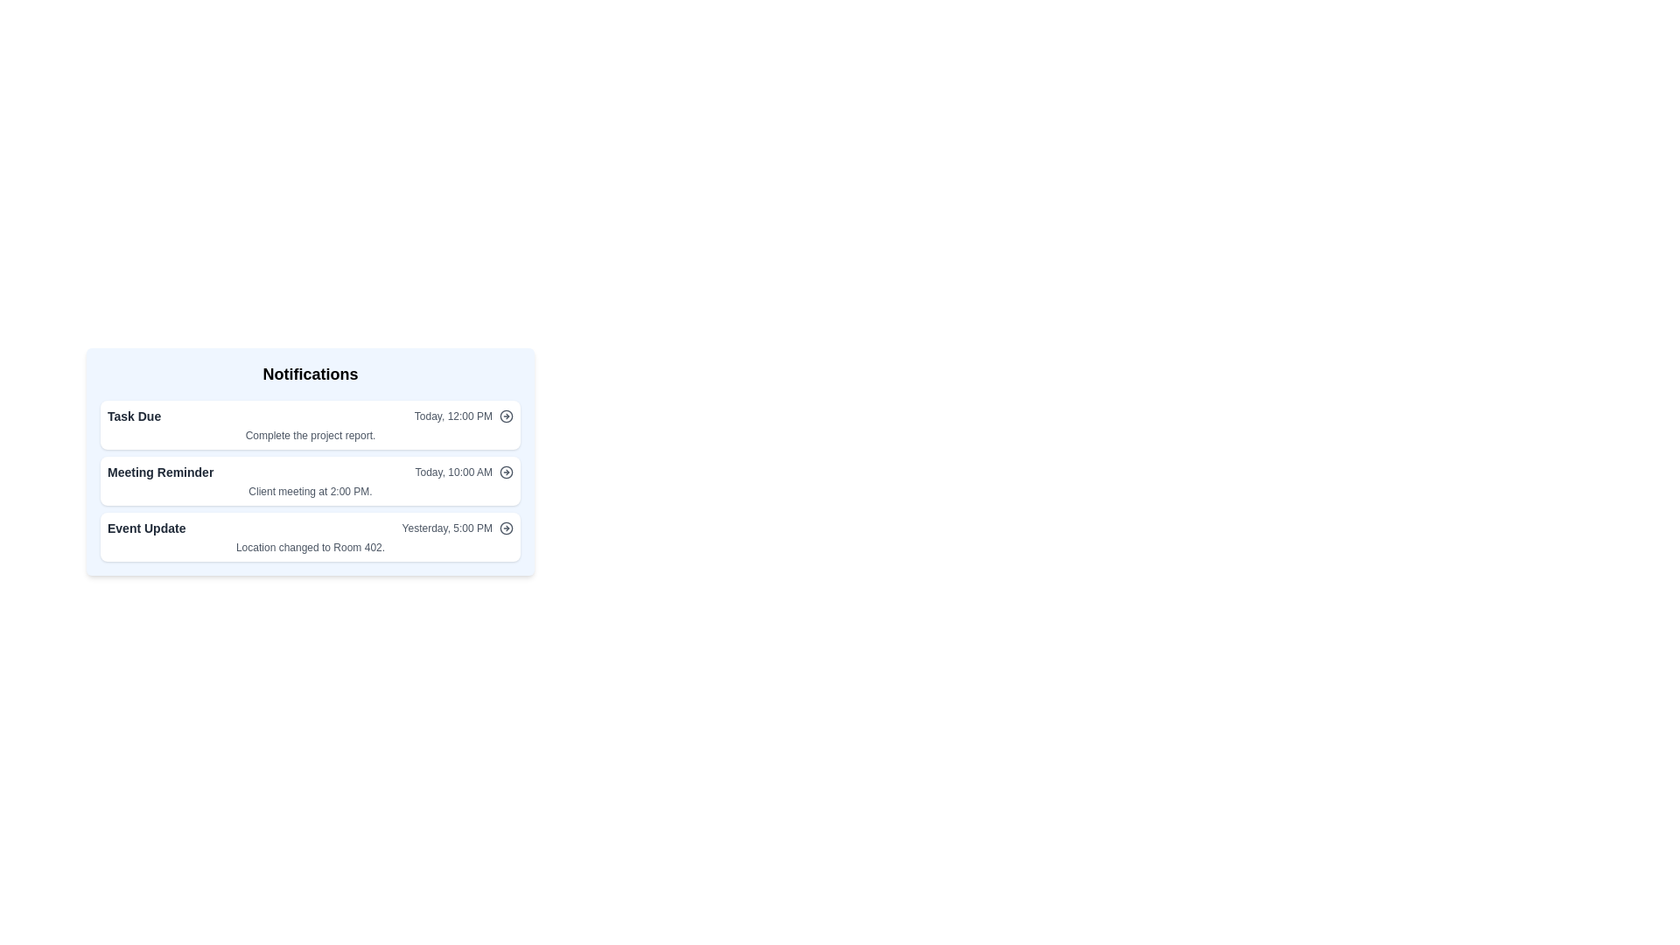  What do you see at coordinates (146, 528) in the screenshot?
I see `text of the 'Event Update' label located in the third notification card under 'Notifications'` at bounding box center [146, 528].